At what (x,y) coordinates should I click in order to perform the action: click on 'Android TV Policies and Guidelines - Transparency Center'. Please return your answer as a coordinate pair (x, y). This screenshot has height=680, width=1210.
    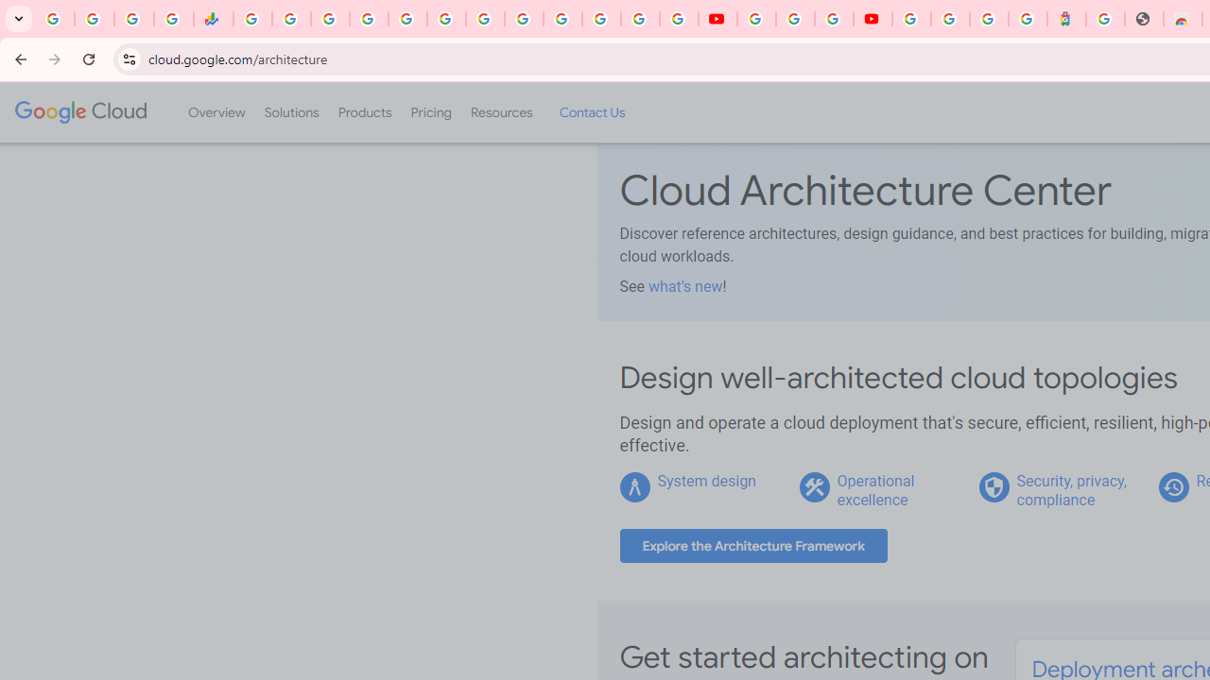
    Looking at the image, I should click on (485, 19).